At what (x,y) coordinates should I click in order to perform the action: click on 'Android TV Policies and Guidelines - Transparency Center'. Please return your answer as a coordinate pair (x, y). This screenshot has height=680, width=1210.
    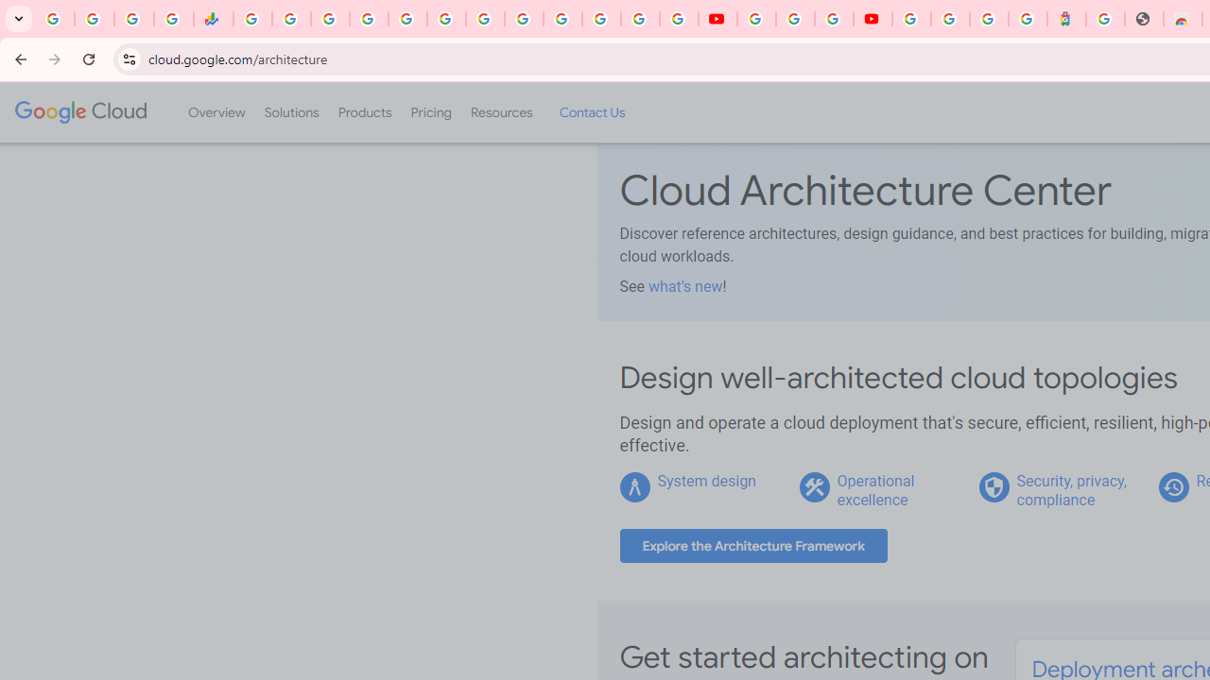
    Looking at the image, I should click on (485, 19).